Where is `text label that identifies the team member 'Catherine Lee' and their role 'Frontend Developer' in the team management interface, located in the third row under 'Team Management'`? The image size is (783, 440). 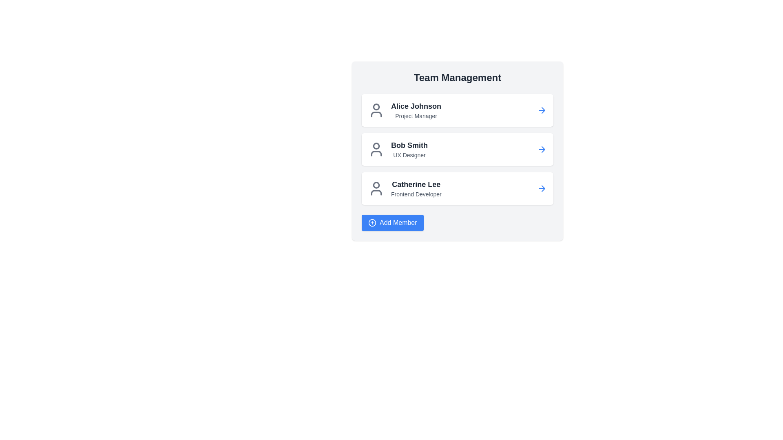
text label that identifies the team member 'Catherine Lee' and their role 'Frontend Developer' in the team management interface, located in the third row under 'Team Management' is located at coordinates (416, 188).